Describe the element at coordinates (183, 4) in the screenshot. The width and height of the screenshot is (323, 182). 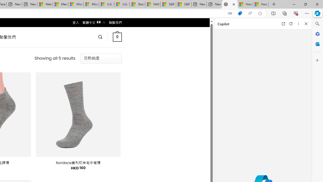
I see `'S&P 500, Nasdaq end lower, weighed by Nvidia dip | Watch'` at that location.